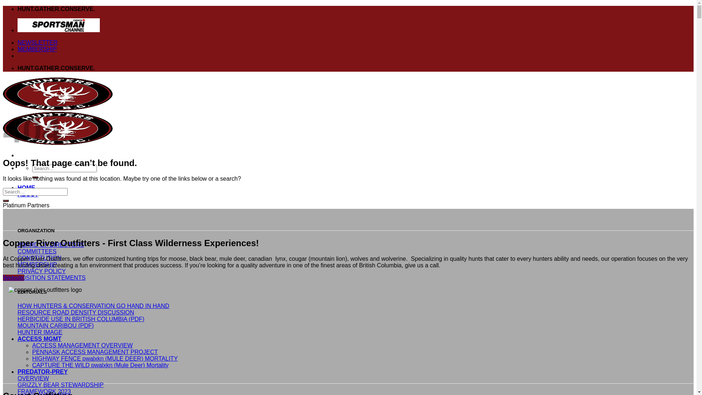  Describe the element at coordinates (42, 372) in the screenshot. I see `'PREDATOR-PREY'` at that location.